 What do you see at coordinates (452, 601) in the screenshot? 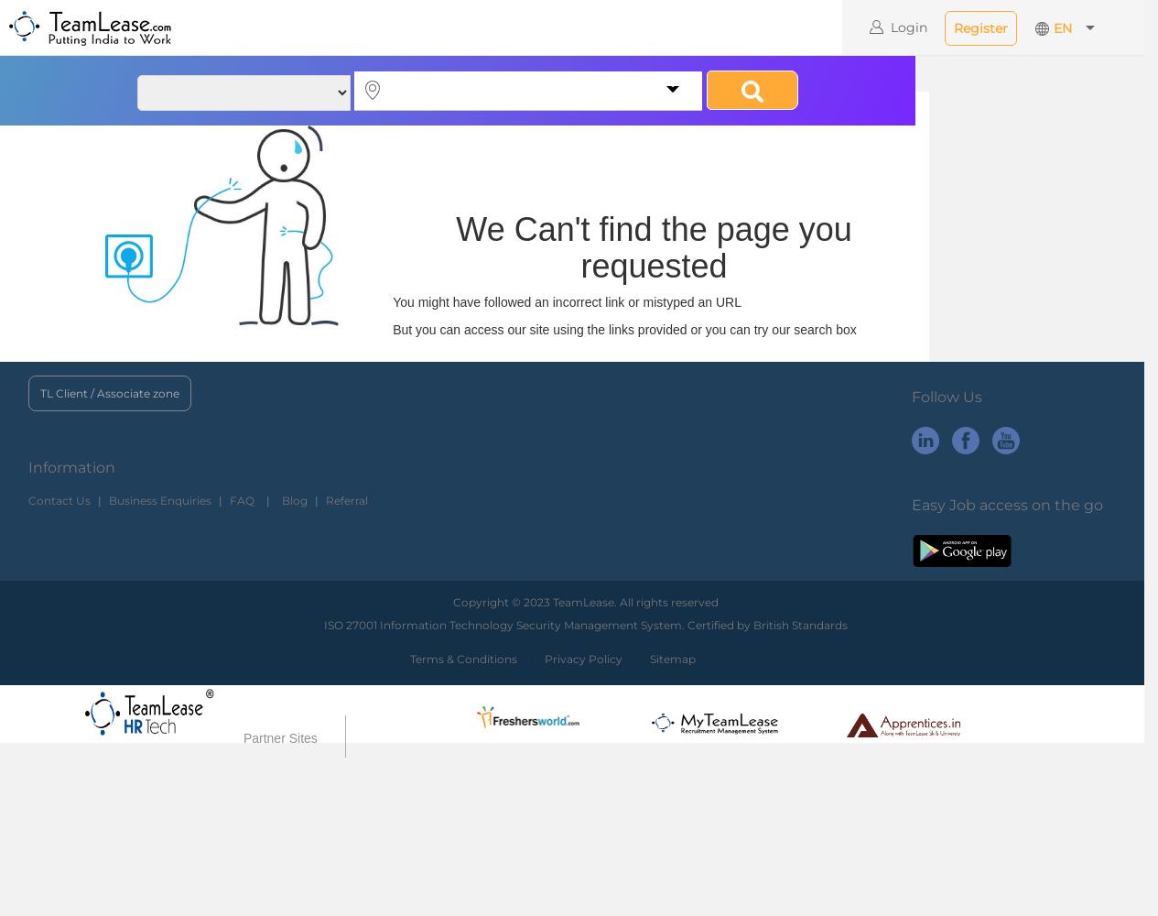
I see `'Copyright © 2023 TeamLease. All rights reserved'` at bounding box center [452, 601].